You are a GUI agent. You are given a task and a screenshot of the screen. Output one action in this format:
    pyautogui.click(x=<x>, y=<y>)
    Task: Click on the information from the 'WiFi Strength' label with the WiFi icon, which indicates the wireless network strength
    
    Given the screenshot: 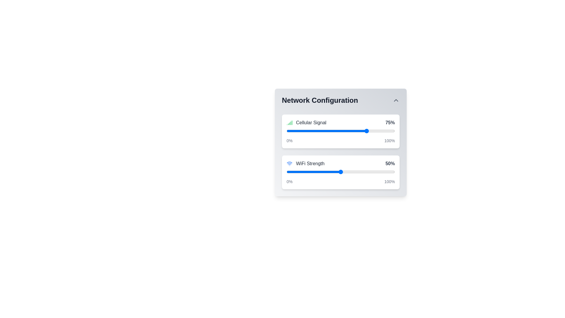 What is the action you would take?
    pyautogui.click(x=305, y=163)
    